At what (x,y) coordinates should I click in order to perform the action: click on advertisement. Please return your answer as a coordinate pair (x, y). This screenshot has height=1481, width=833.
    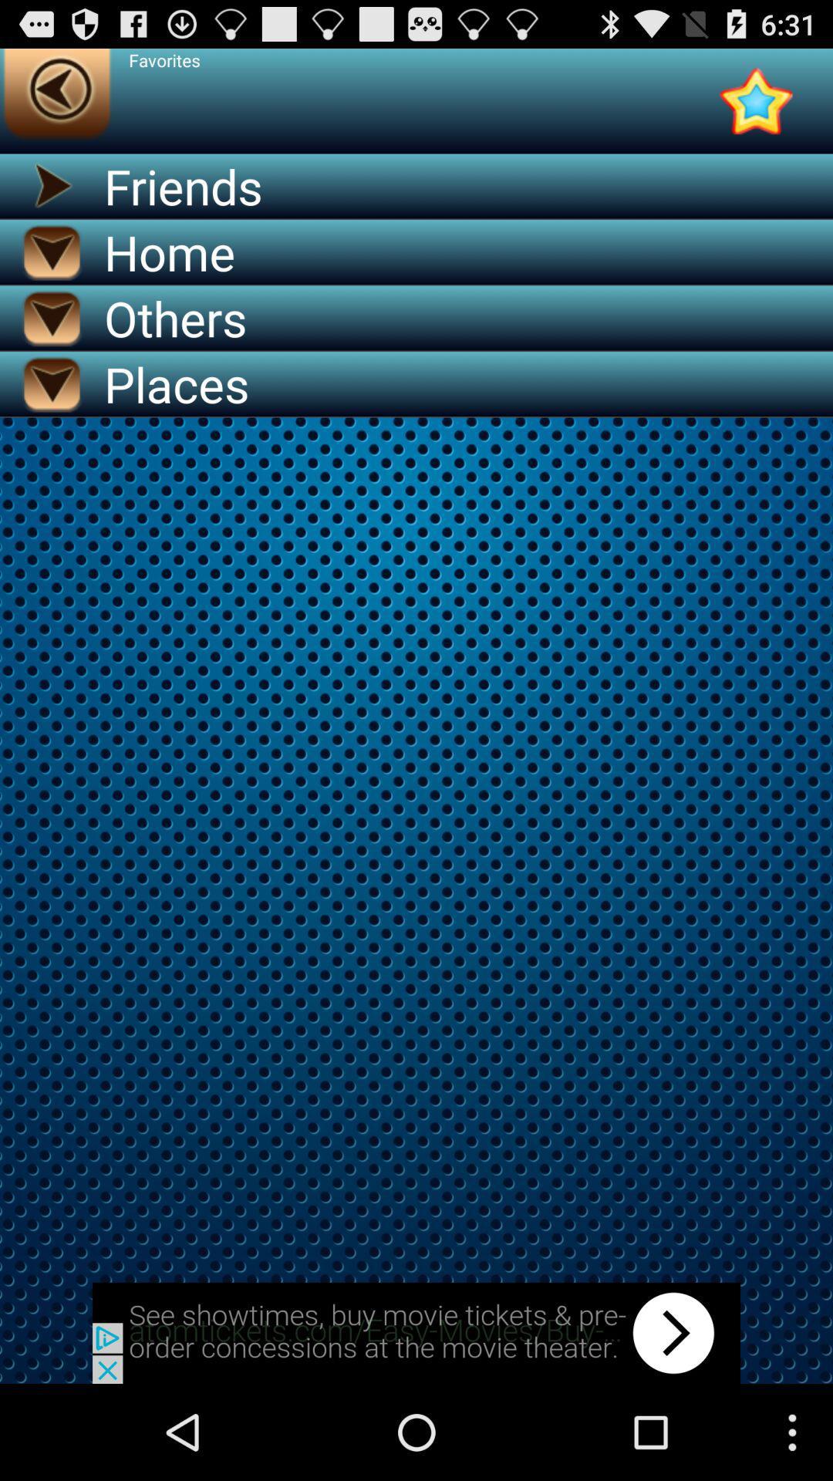
    Looking at the image, I should click on (416, 1332).